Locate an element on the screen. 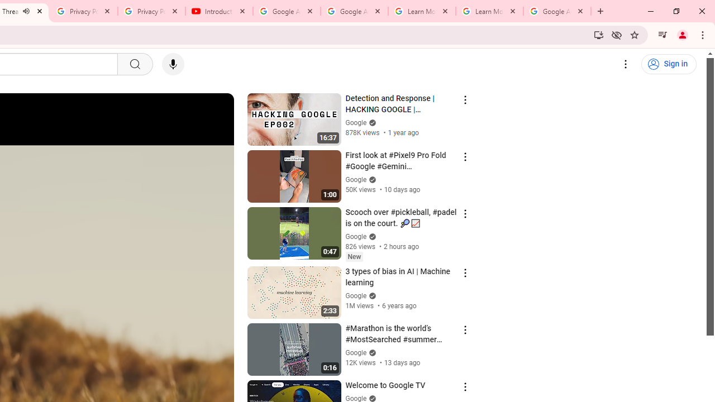 Image resolution: width=715 pixels, height=402 pixels. 'Install YouTube' is located at coordinates (598, 34).